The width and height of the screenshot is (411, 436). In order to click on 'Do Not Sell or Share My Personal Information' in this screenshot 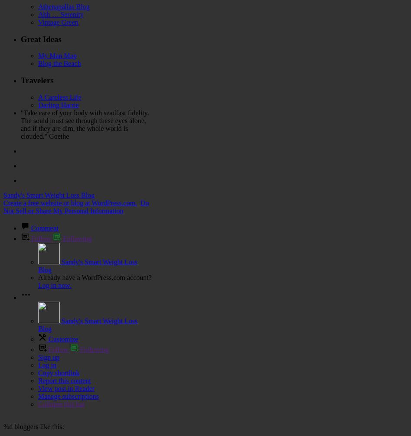, I will do `click(75, 206)`.